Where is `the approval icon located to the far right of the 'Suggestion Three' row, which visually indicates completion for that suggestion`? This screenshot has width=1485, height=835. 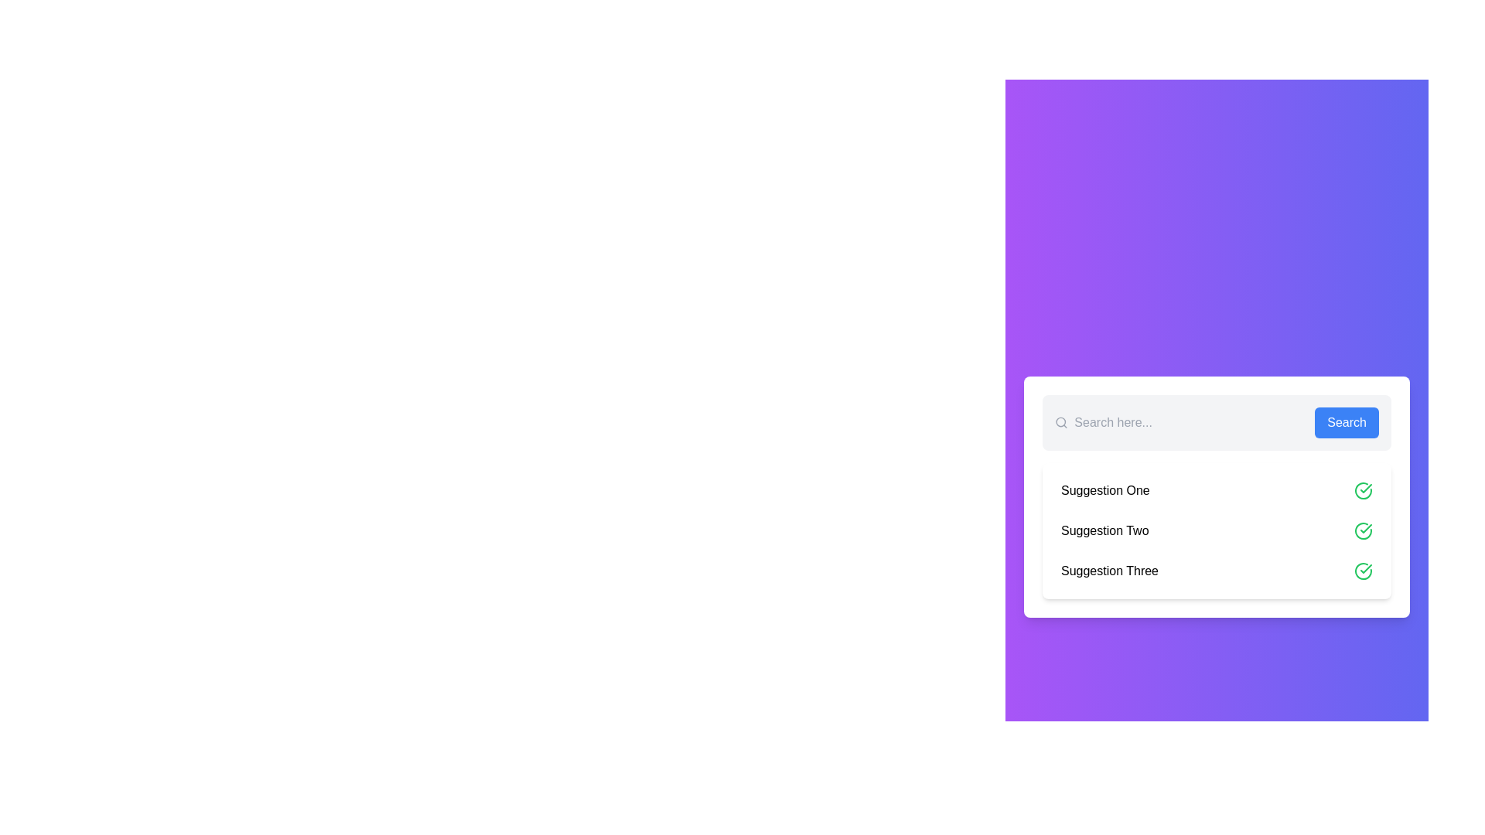
the approval icon located to the far right of the 'Suggestion Three' row, which visually indicates completion for that suggestion is located at coordinates (1363, 571).